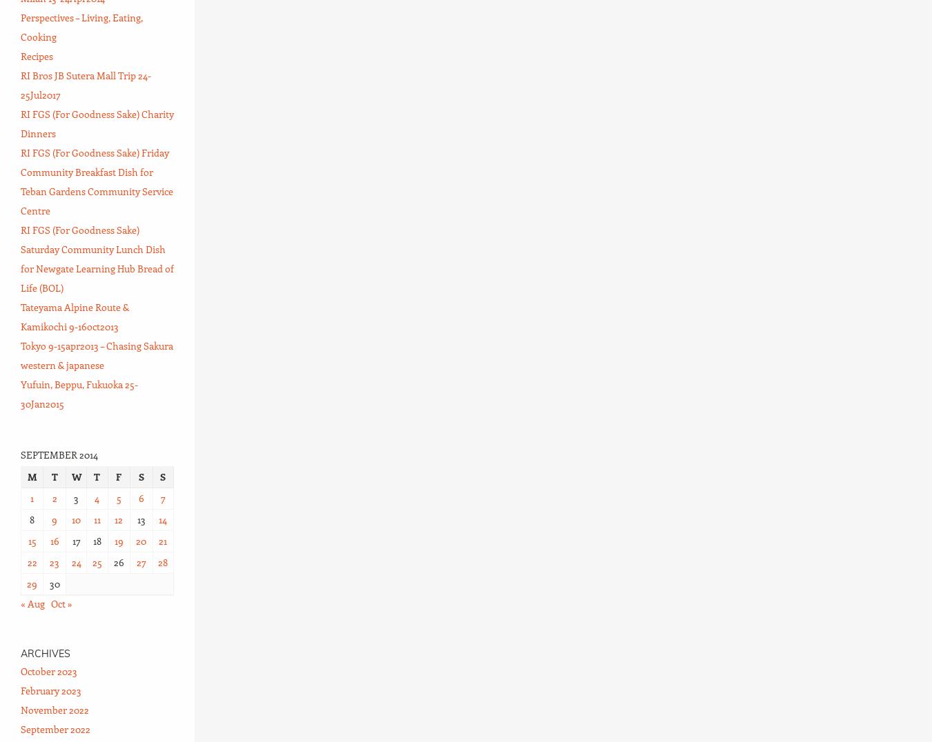 Image resolution: width=932 pixels, height=742 pixels. I want to click on 'M', so click(31, 476).